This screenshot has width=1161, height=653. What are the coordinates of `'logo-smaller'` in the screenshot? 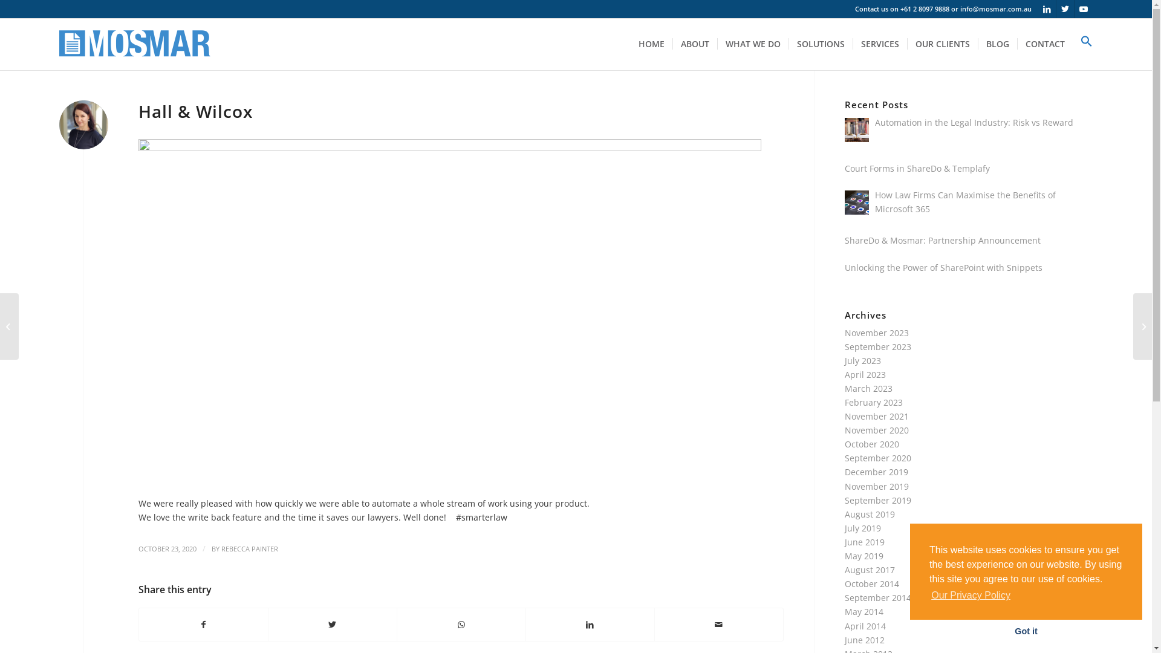 It's located at (58, 44).